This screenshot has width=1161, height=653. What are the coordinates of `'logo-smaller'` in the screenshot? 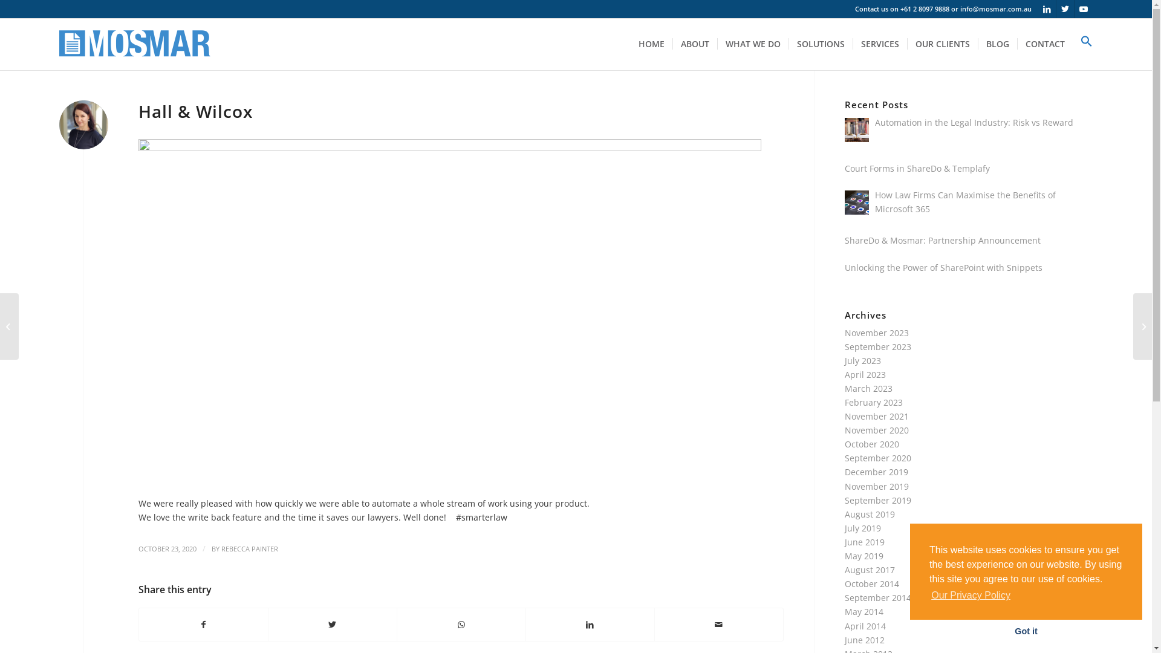 It's located at (58, 44).